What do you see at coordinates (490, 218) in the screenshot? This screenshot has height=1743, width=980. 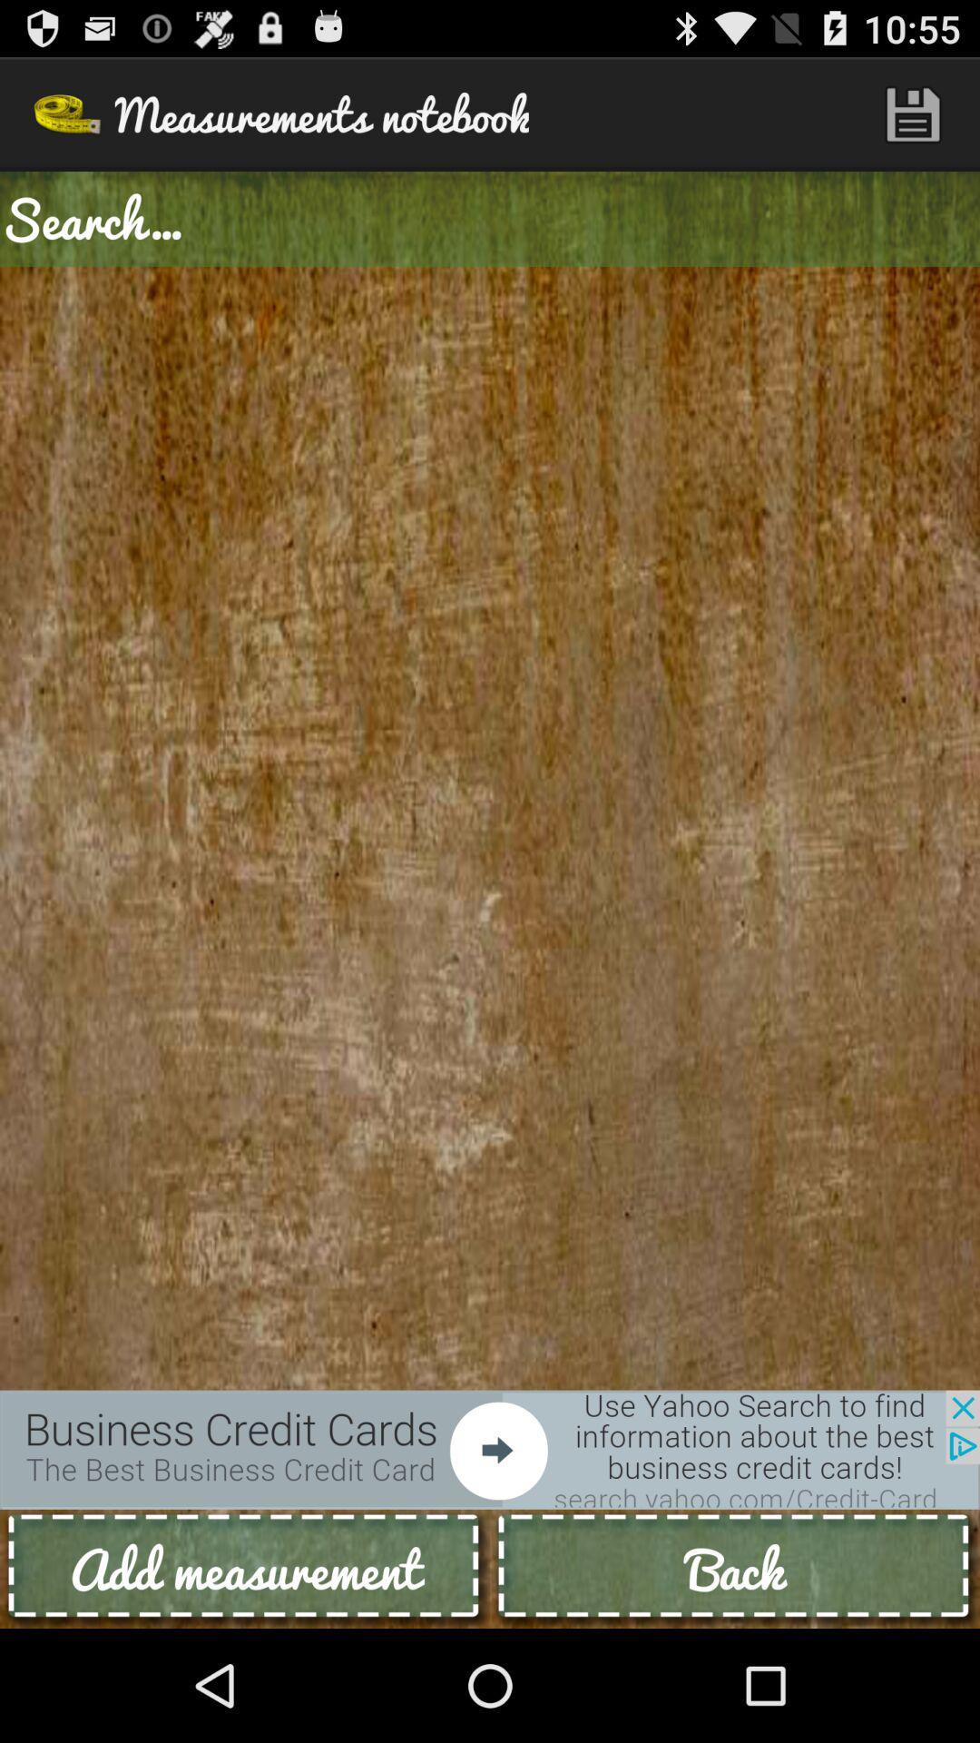 I see `search button` at bounding box center [490, 218].